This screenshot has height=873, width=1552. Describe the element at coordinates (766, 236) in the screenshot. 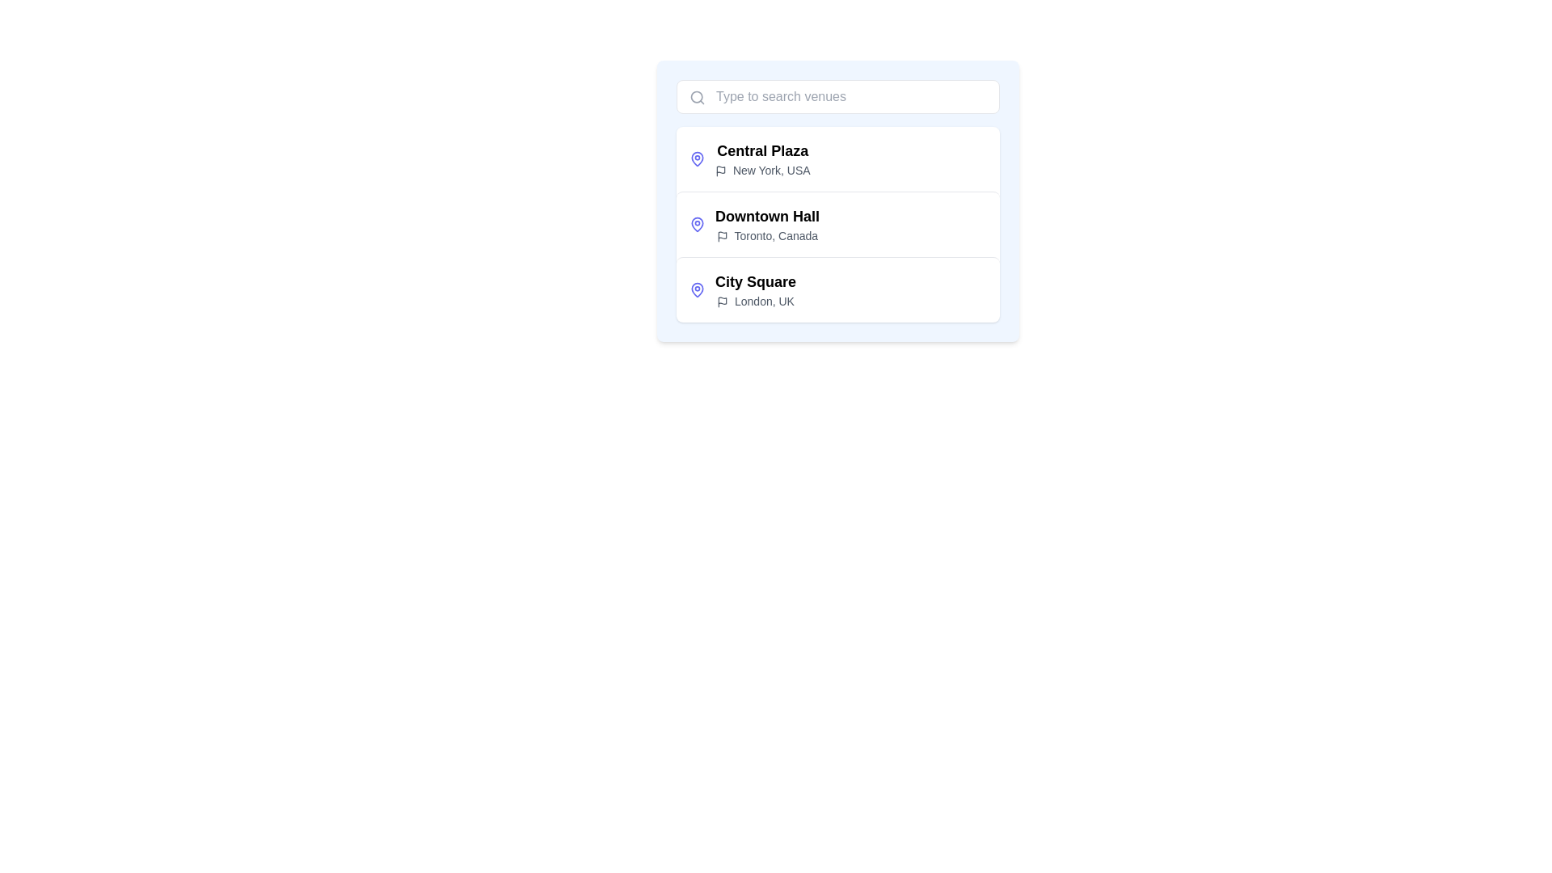

I see `the text label displaying 'Toronto, Canada' which is styled in a small-sized gray font and is located within the 'Downtown Hall' list item, directly below the title 'Downtown Hall'` at that location.